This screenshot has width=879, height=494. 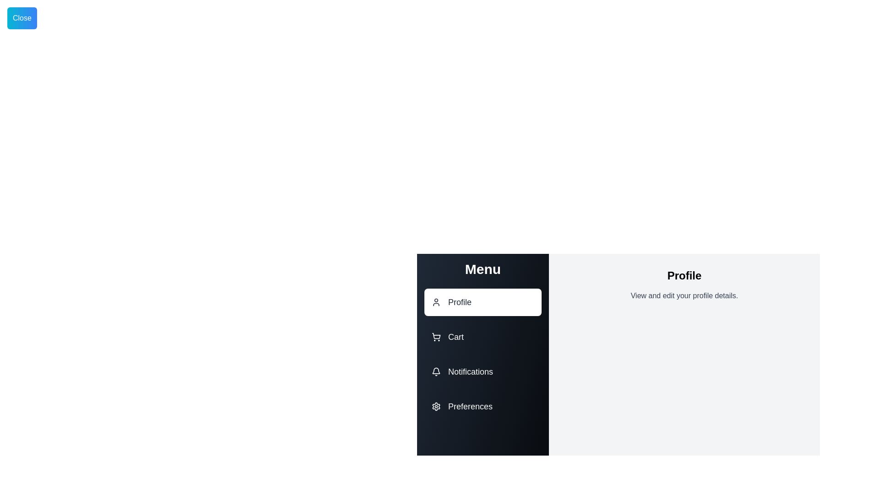 What do you see at coordinates (483, 337) in the screenshot?
I see `the menu option Cart by clicking on its corresponding area` at bounding box center [483, 337].